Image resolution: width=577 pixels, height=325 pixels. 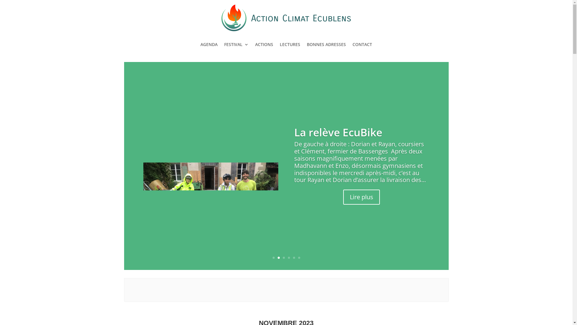 What do you see at coordinates (236, 44) in the screenshot?
I see `'FESTIVAL'` at bounding box center [236, 44].